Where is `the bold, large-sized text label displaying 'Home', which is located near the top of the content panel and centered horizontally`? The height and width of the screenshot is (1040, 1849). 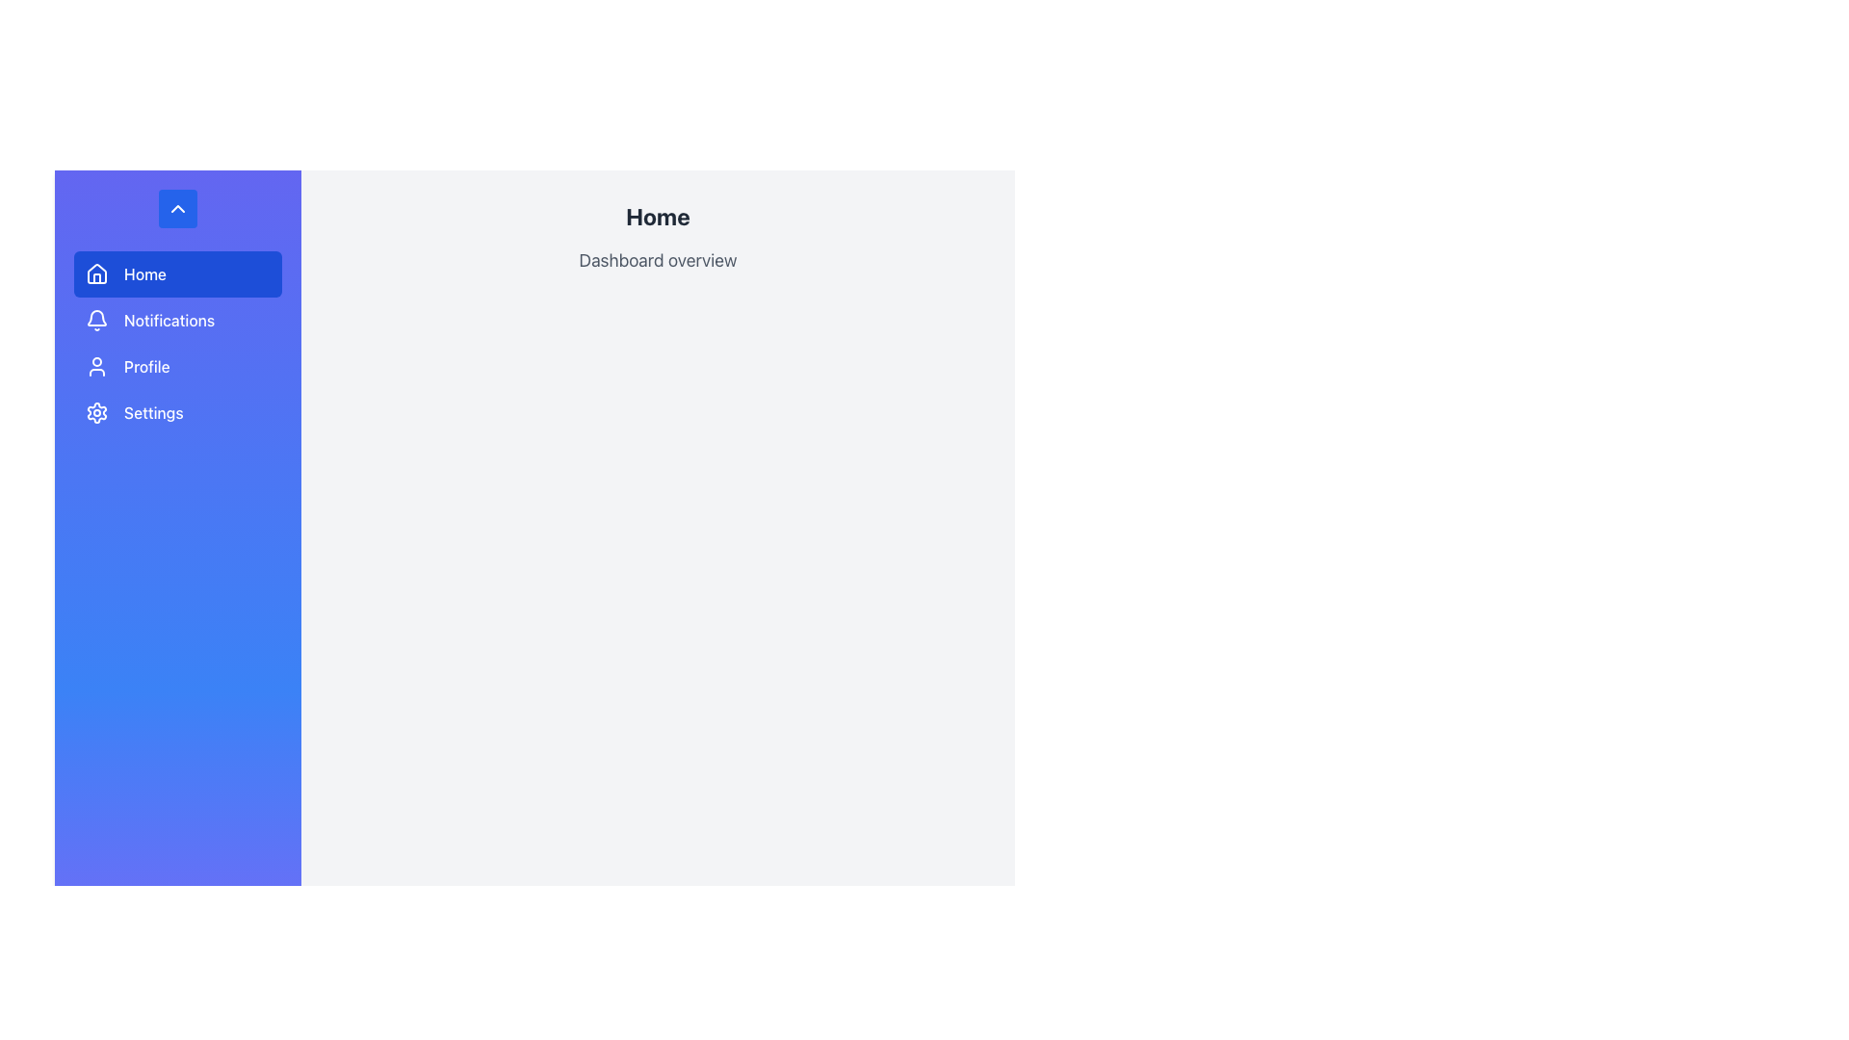
the bold, large-sized text label displaying 'Home', which is located near the top of the content panel and centered horizontally is located at coordinates (658, 216).